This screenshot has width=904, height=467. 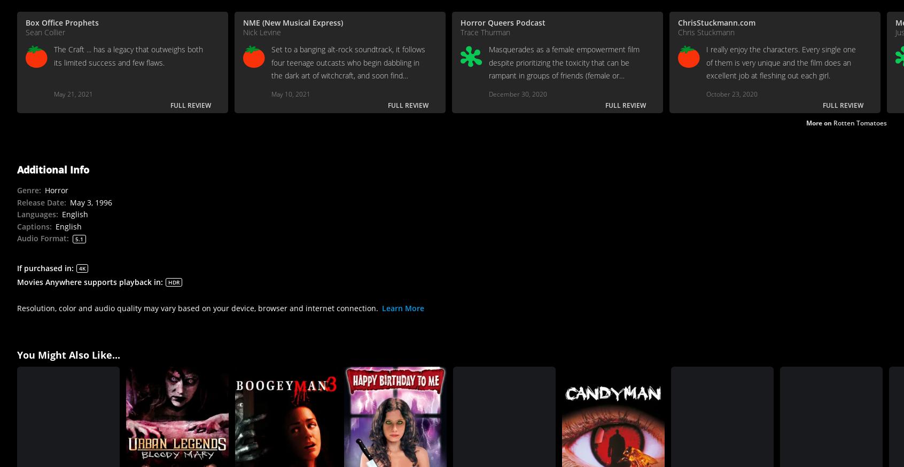 I want to click on 'Trace Thurman', so click(x=485, y=31).